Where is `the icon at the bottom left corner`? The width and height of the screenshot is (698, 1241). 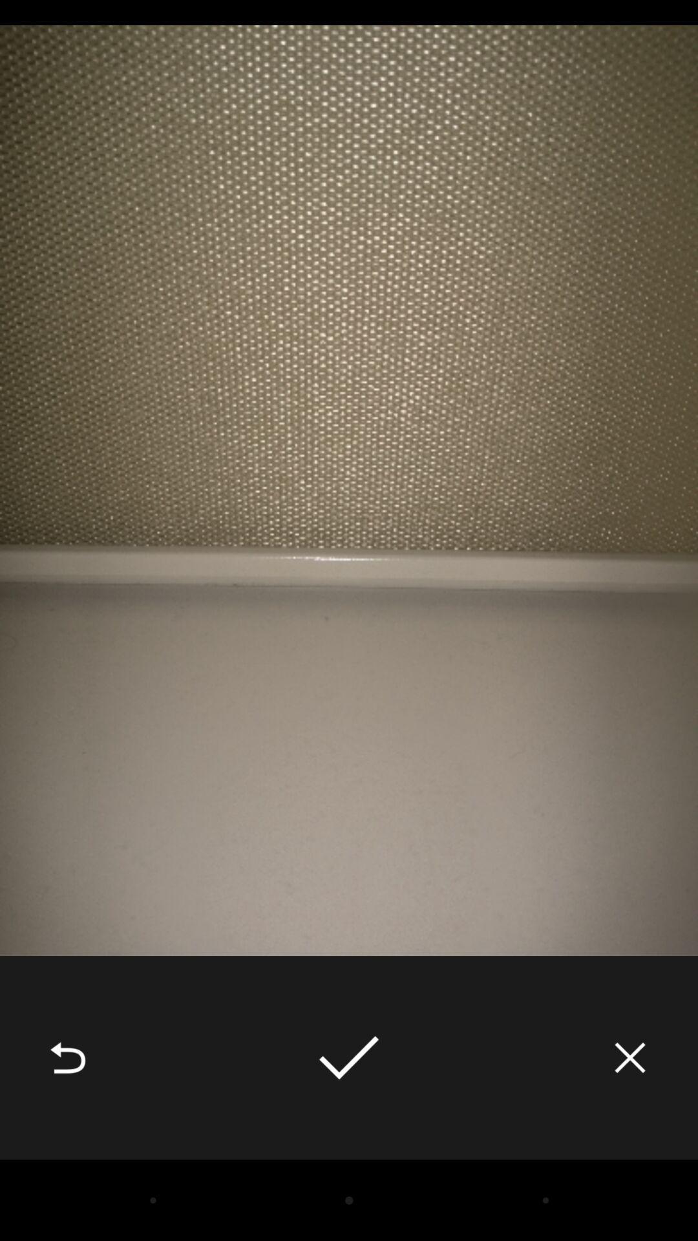
the icon at the bottom left corner is located at coordinates (67, 1057).